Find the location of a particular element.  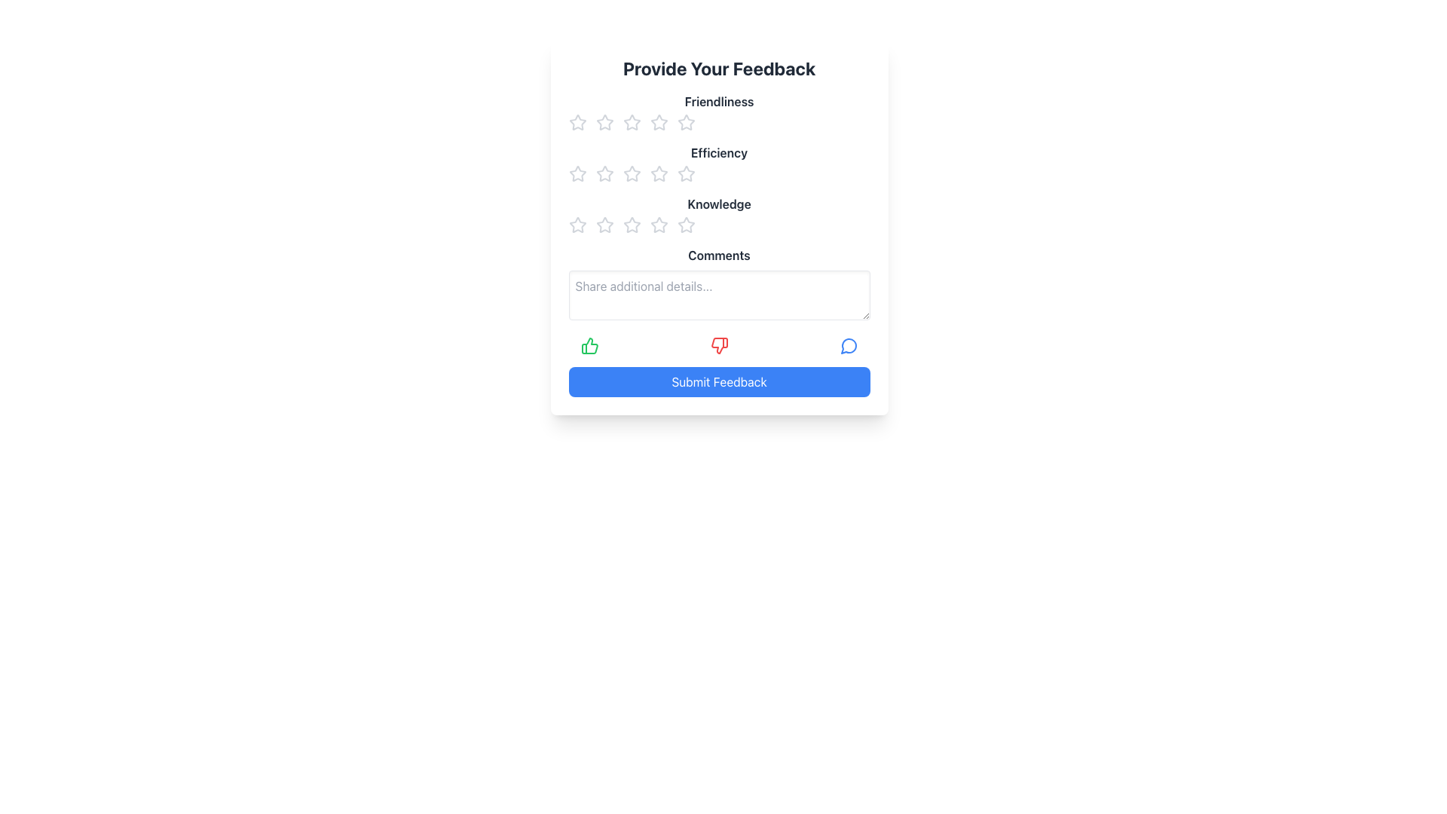

the fifth Rating star icon in light gray within the second row of the feedback form to rate the 'Efficiency' criterion at five is located at coordinates (685, 173).